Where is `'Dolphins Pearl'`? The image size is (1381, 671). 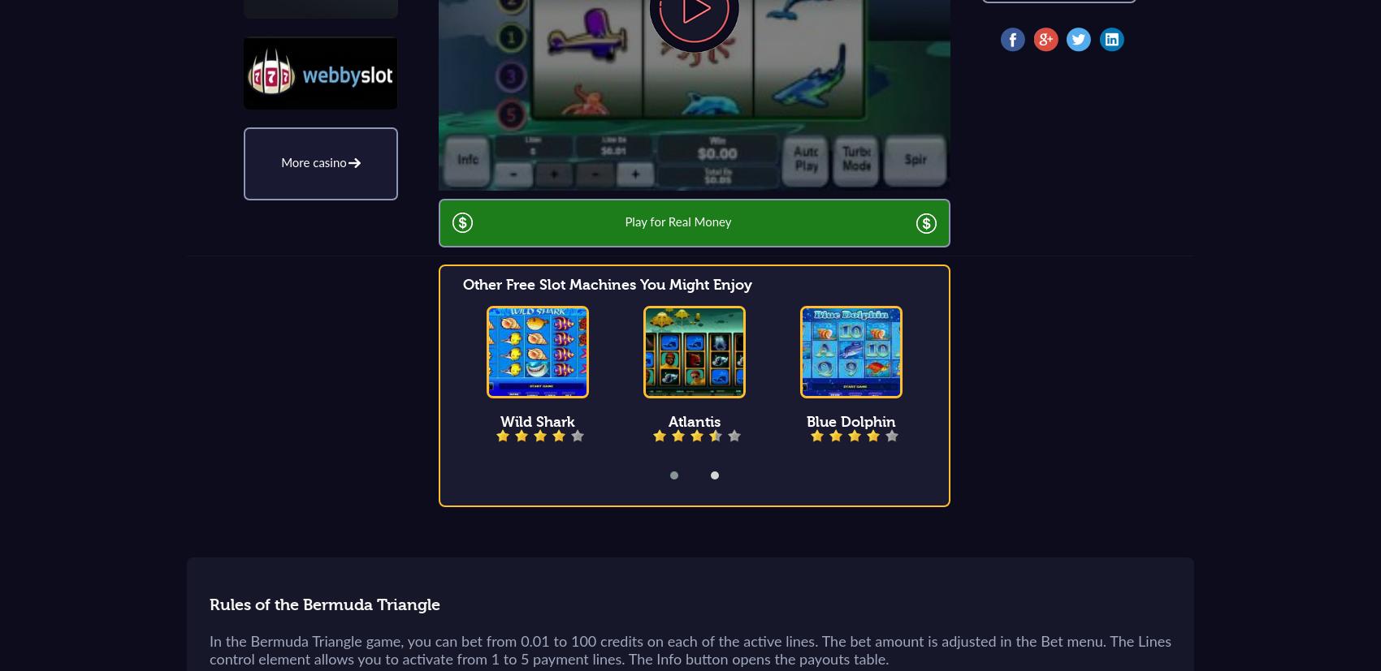 'Dolphins Pearl' is located at coordinates (1163, 422).